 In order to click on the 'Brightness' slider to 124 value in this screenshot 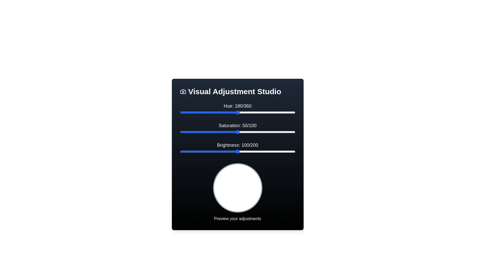, I will do `click(251, 151)`.